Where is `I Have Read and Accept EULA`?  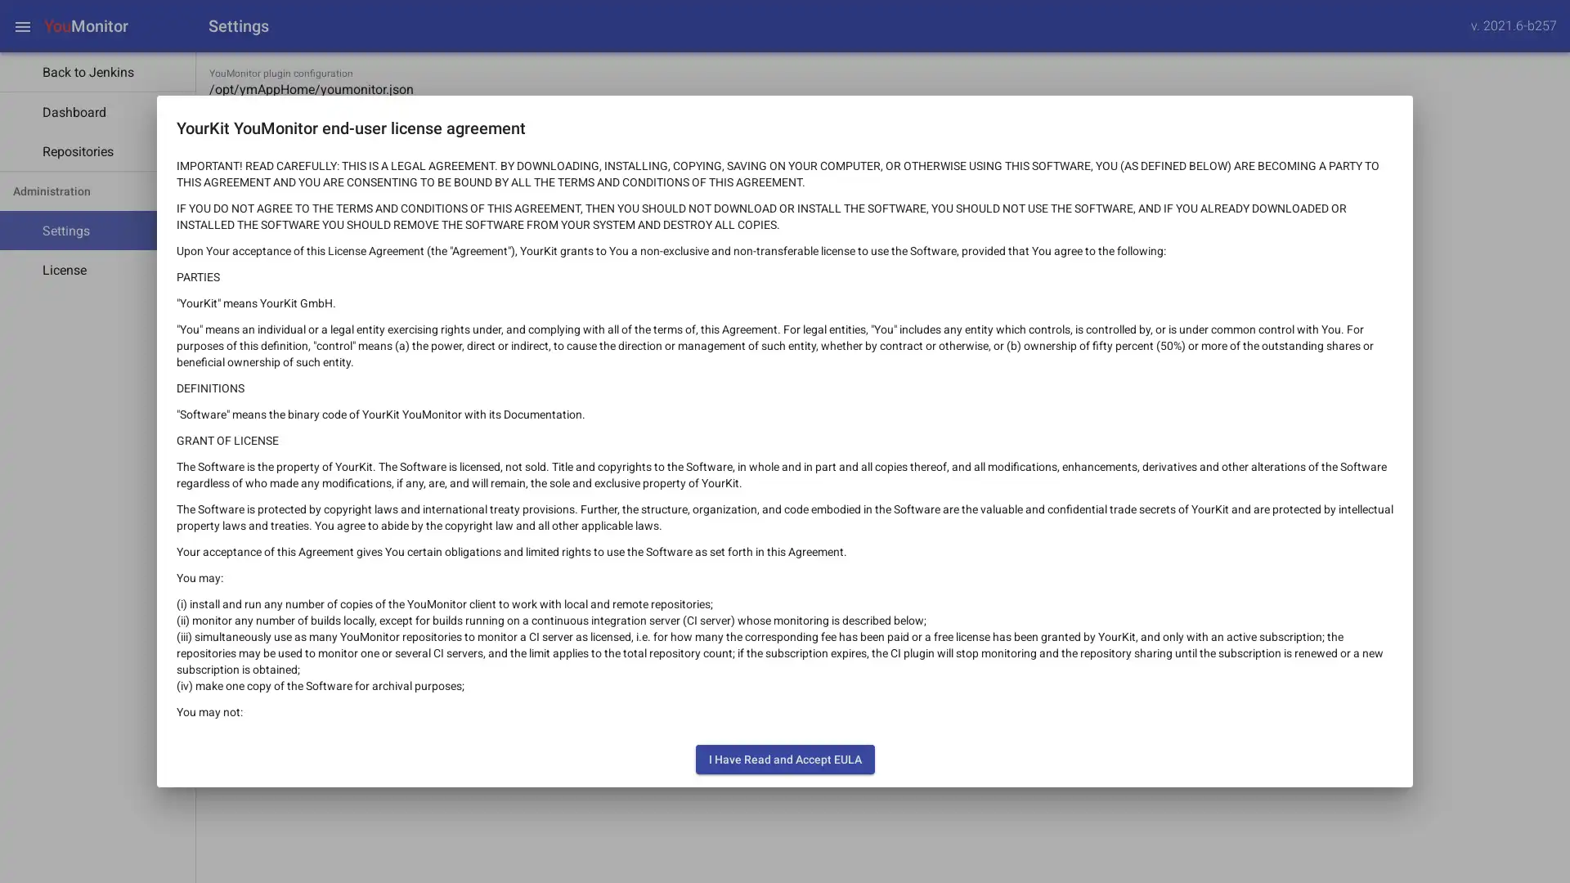 I Have Read and Accept EULA is located at coordinates (783, 760).